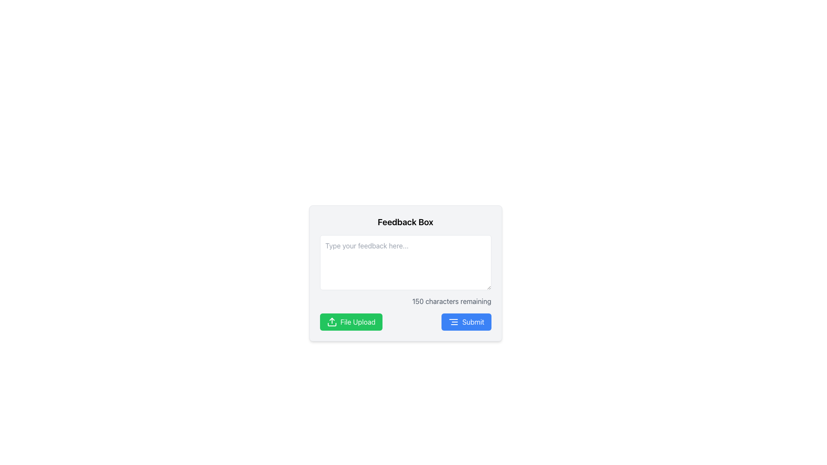 The image size is (827, 465). I want to click on the rectangular green button labeled 'File Upload' with rounded corners to initiate a file upload, so click(351, 322).